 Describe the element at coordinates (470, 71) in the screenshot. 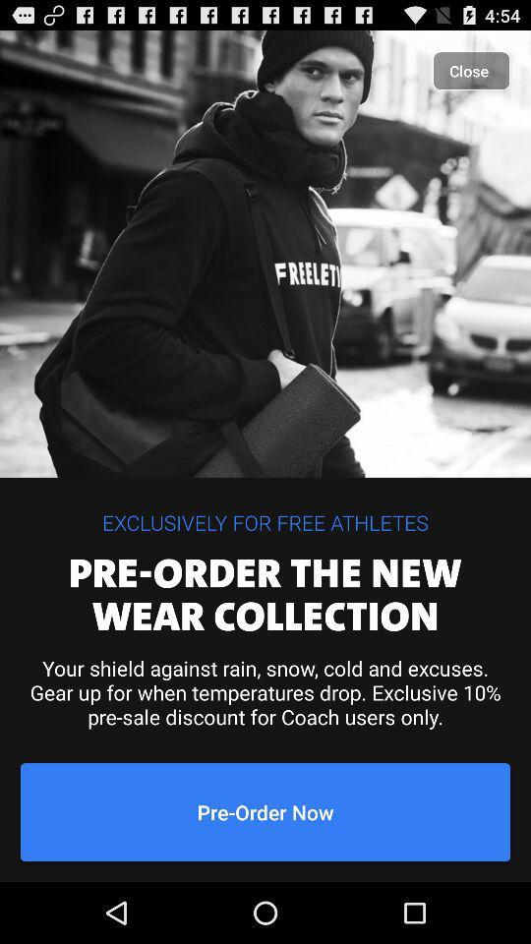

I see `the icon above the exclusively for free` at that location.